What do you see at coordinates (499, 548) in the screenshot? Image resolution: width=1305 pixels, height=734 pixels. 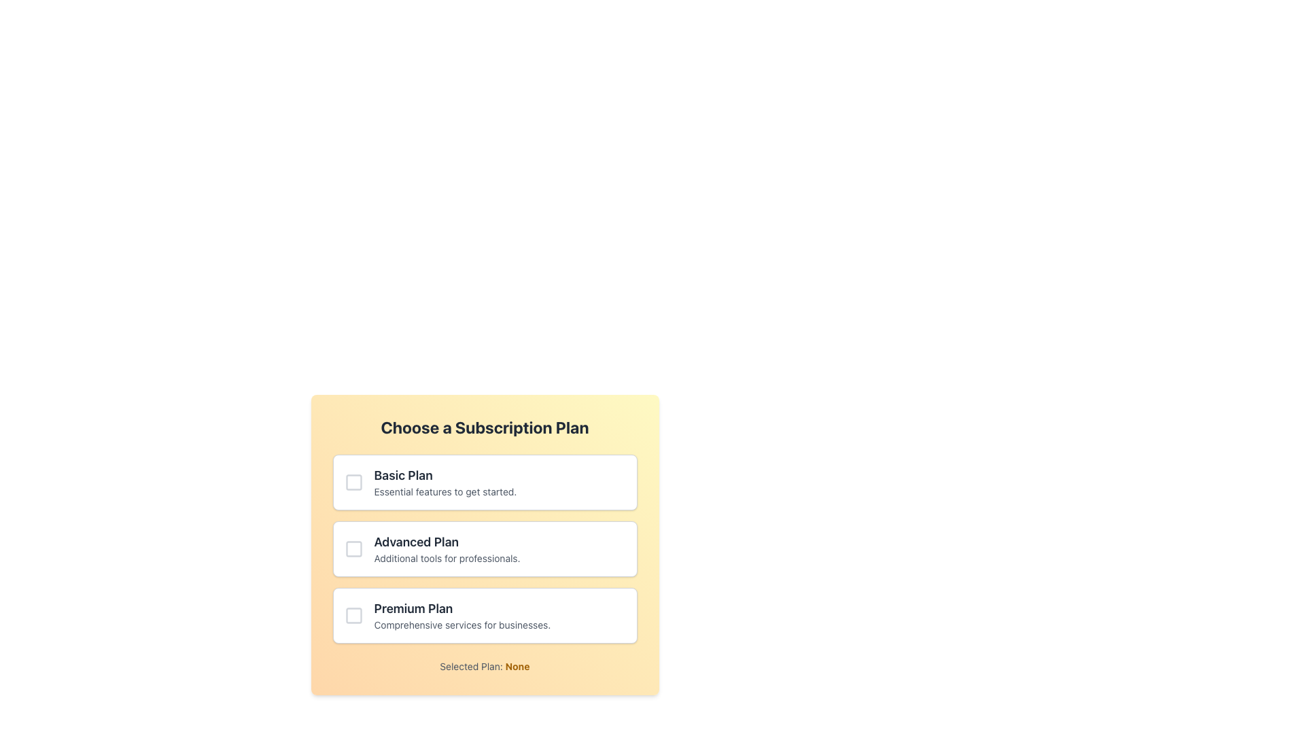 I see `the informational text block about the 'Advanced Plan' subscription, which is the second item in the vertical list of subscription options` at bounding box center [499, 548].